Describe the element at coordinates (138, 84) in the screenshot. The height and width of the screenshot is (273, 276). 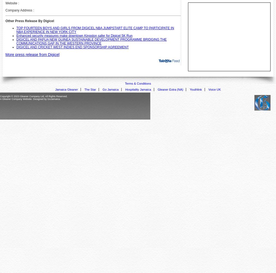
I see `'Terms & Conditions'` at that location.